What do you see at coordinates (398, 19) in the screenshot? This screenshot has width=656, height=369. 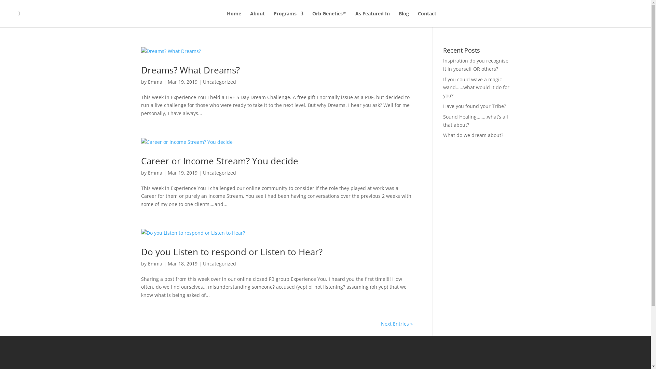 I see `'Blog'` at bounding box center [398, 19].